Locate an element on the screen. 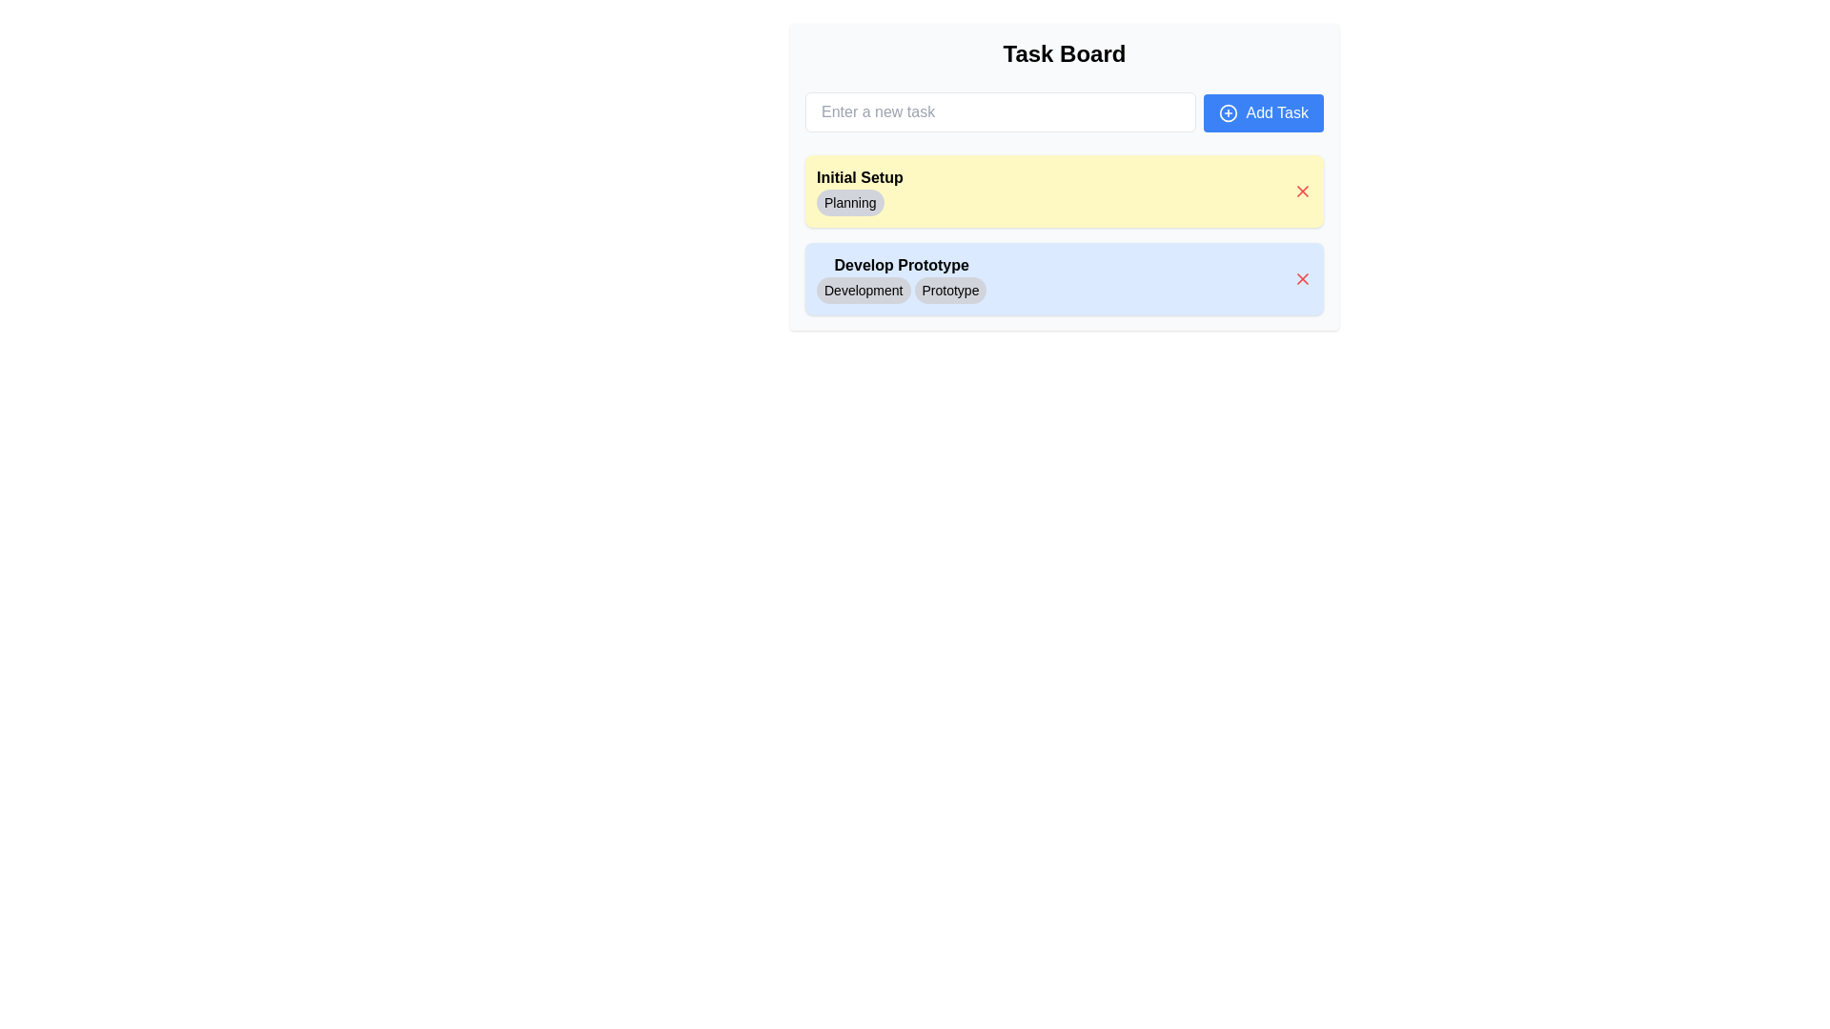  the Text label that serves as the title for the yellow task card labeled 'Initial Setup Planning' within the task board interface is located at coordinates (859, 177).